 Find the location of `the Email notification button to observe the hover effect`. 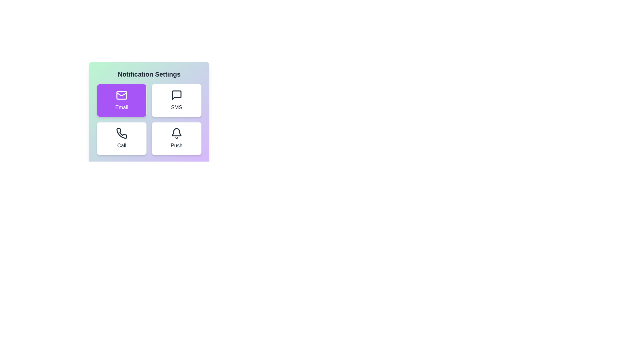

the Email notification button to observe the hover effect is located at coordinates (122, 100).